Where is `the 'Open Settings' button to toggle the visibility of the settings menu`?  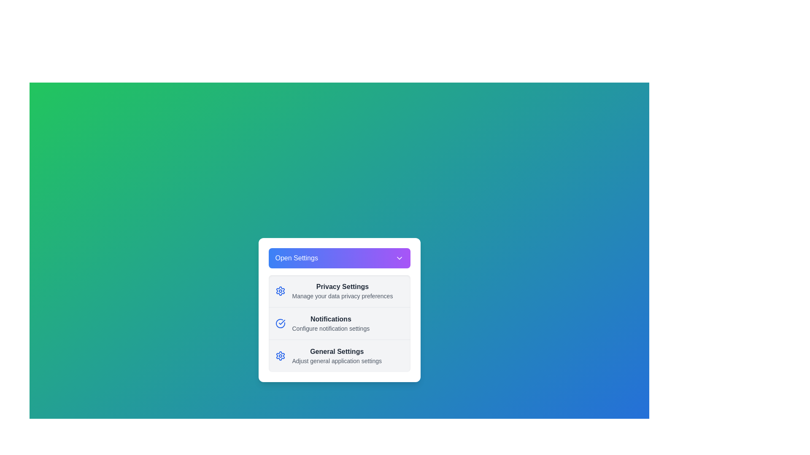
the 'Open Settings' button to toggle the visibility of the settings menu is located at coordinates (339, 258).